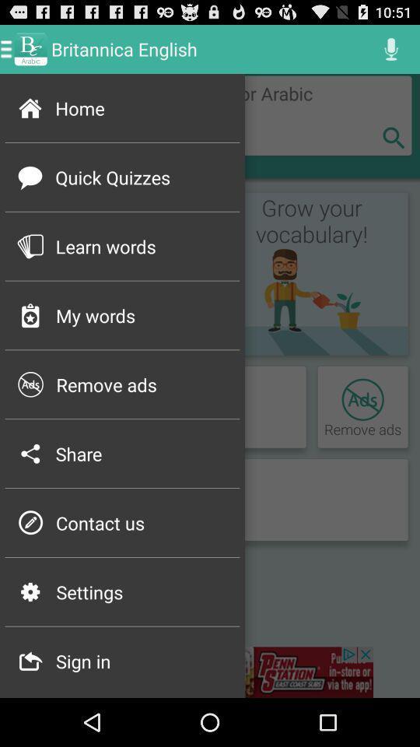 The width and height of the screenshot is (420, 747). Describe the element at coordinates (208, 114) in the screenshot. I see `home page` at that location.